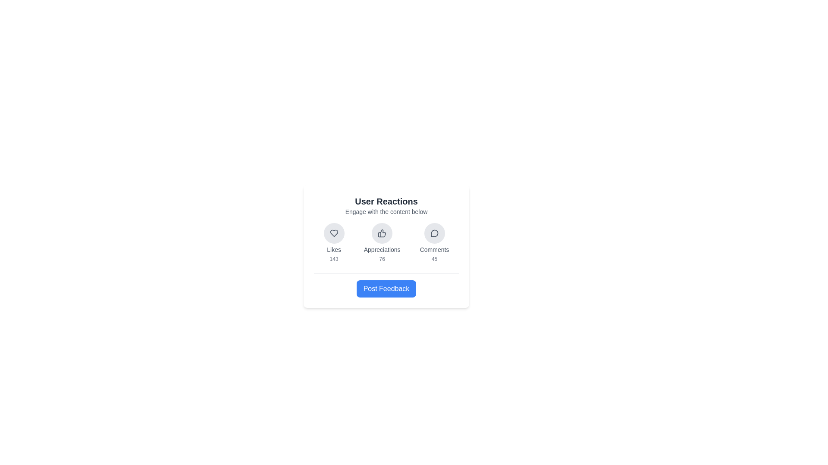 The image size is (828, 465). Describe the element at coordinates (386, 273) in the screenshot. I see `the horizontal line that serves as a visual divider between the reaction statistics and the call-to-action section in the card layout` at that location.